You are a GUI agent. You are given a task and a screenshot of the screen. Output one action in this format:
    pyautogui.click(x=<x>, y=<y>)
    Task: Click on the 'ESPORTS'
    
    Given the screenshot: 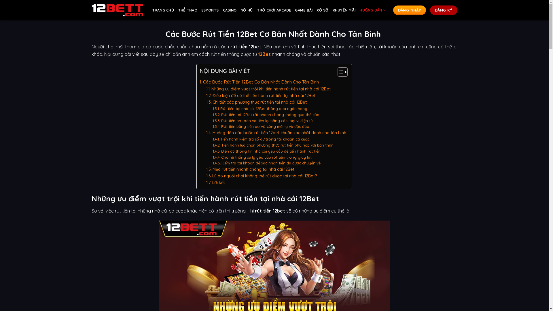 What is the action you would take?
    pyautogui.click(x=210, y=10)
    